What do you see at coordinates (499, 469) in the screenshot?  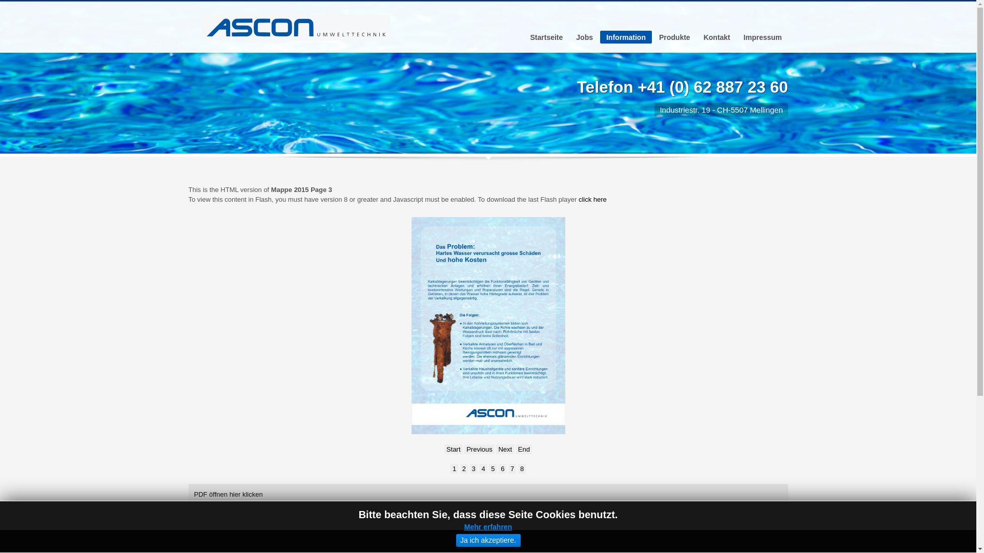 I see `'6'` at bounding box center [499, 469].